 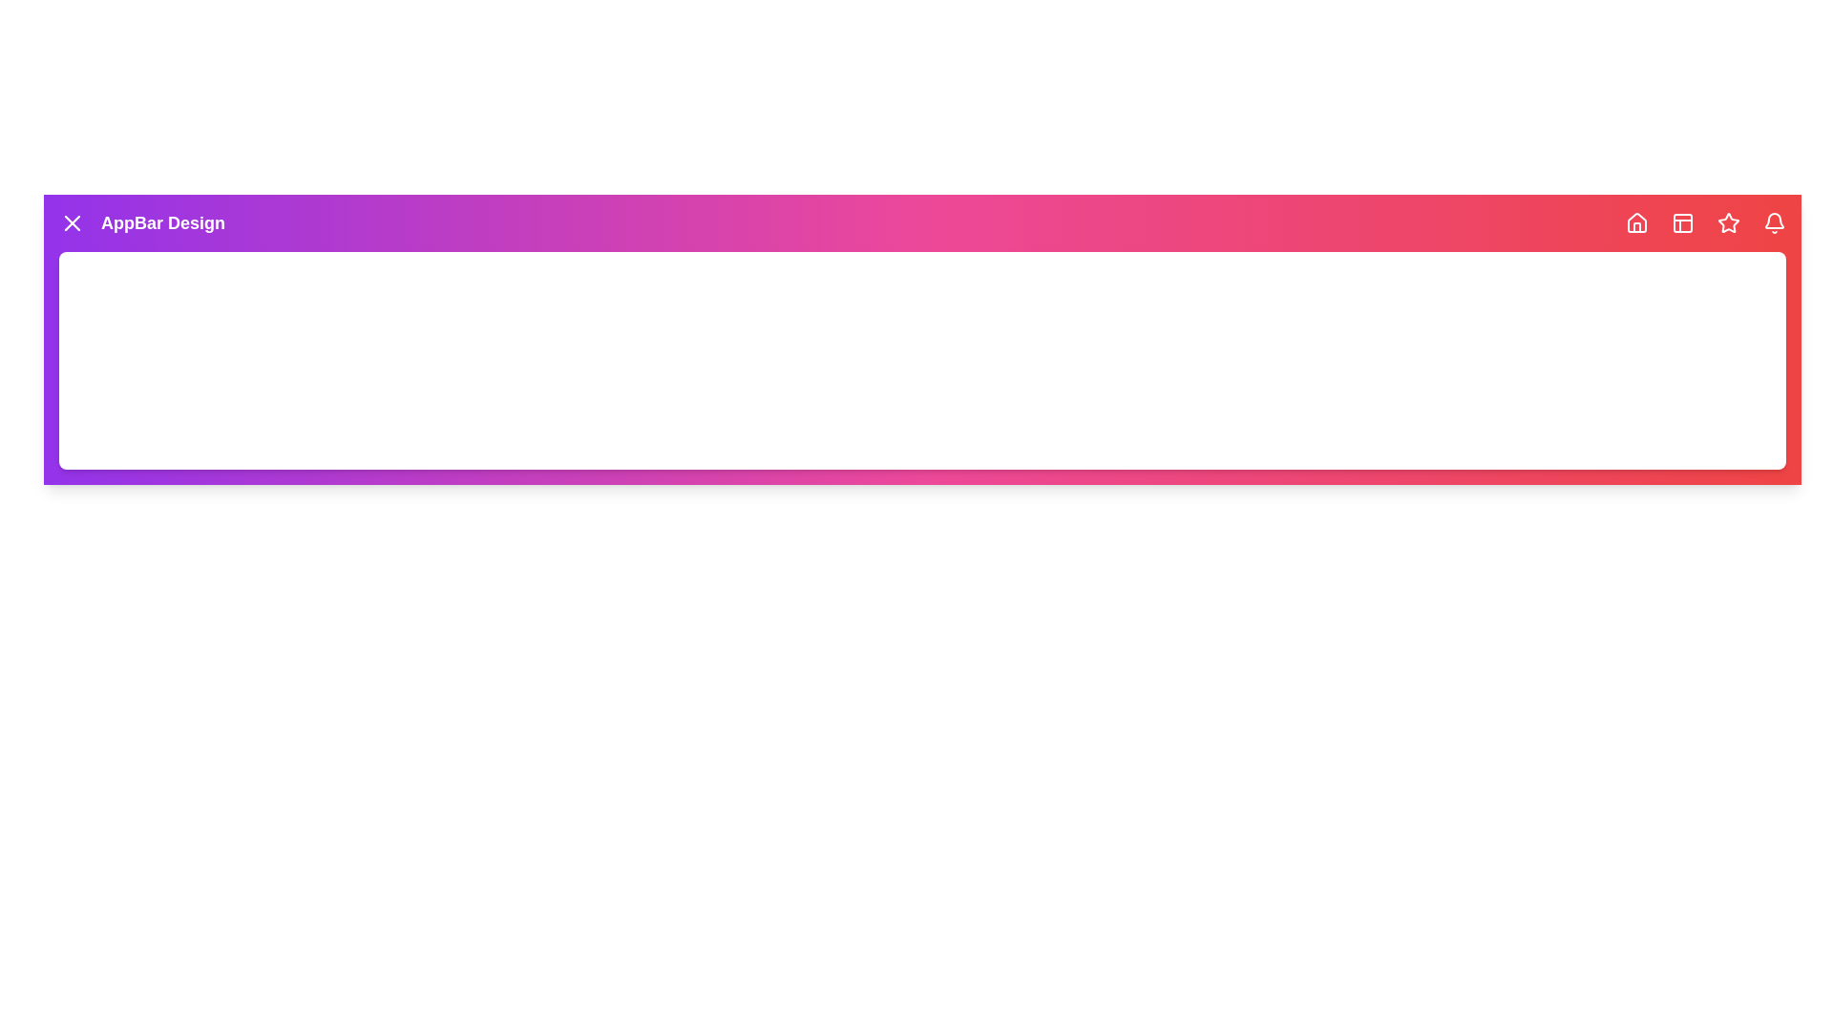 What do you see at coordinates (1728, 222) in the screenshot?
I see `the navigation icon Favorites` at bounding box center [1728, 222].